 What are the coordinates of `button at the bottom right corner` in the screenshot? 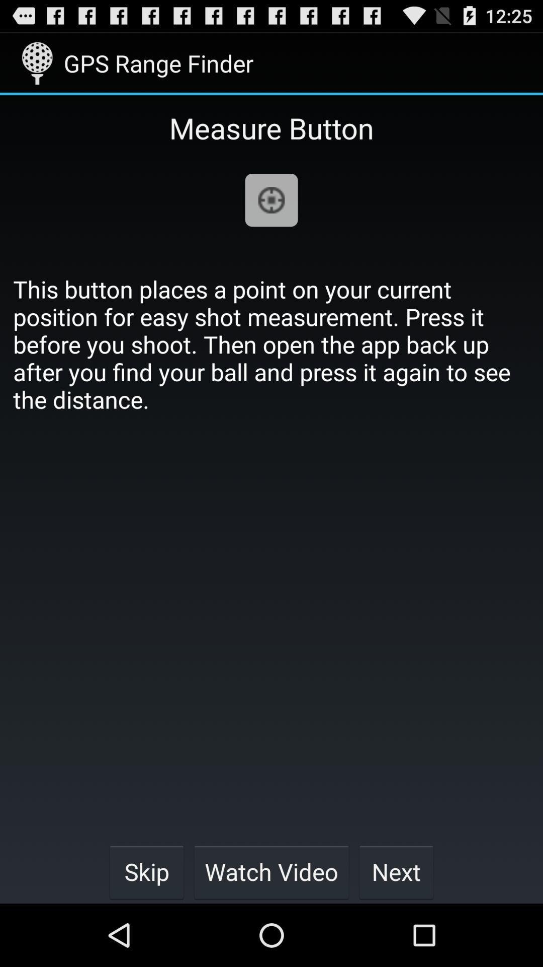 It's located at (396, 871).